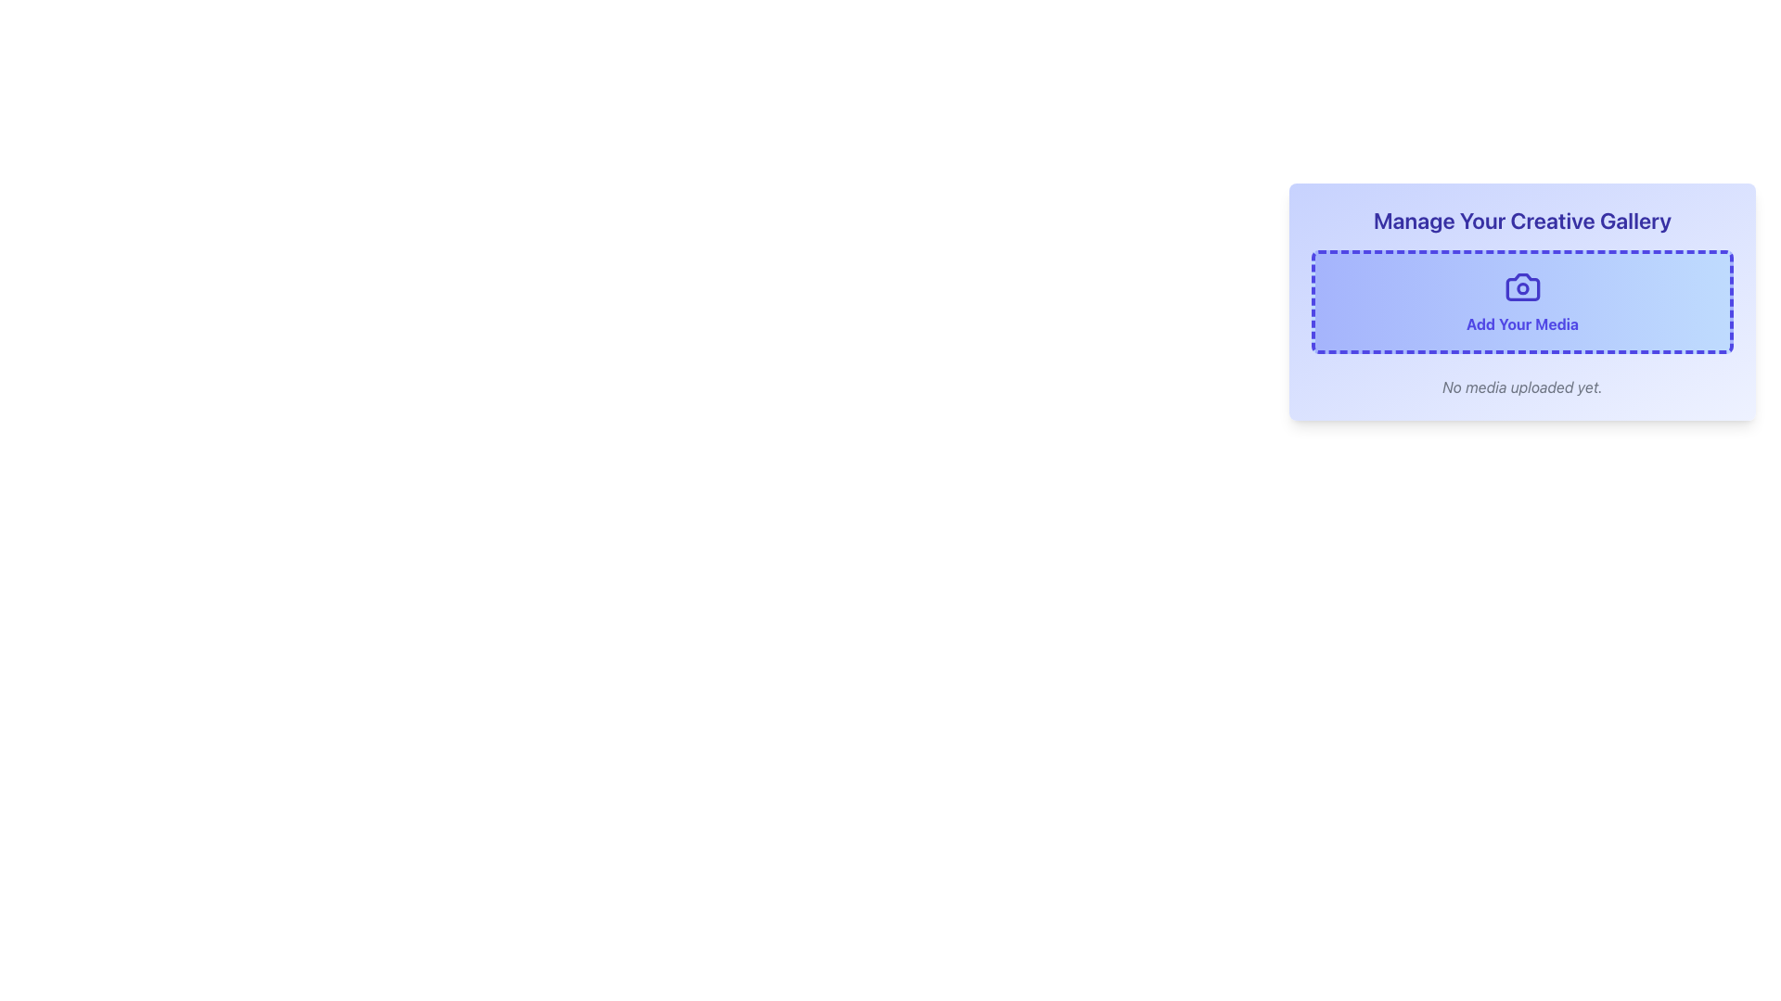 This screenshot has width=1781, height=1001. I want to click on the camera icon, which is styled with indigo hues and represents camera functionality, located in the 'Add Your Media' section of the interface, so click(1522, 286).